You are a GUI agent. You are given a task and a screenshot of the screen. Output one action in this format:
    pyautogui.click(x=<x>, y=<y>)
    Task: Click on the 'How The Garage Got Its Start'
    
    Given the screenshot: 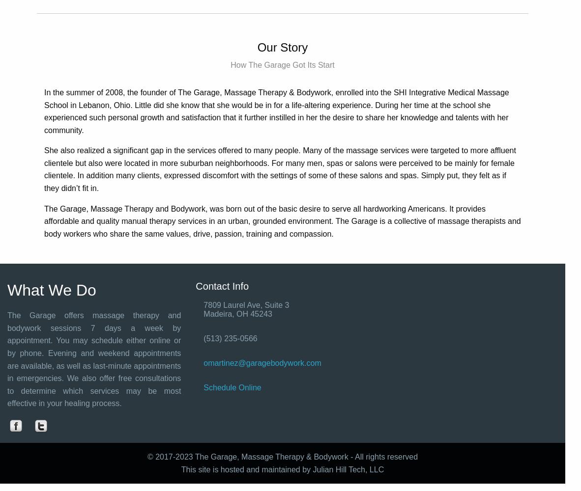 What is the action you would take?
    pyautogui.click(x=282, y=64)
    